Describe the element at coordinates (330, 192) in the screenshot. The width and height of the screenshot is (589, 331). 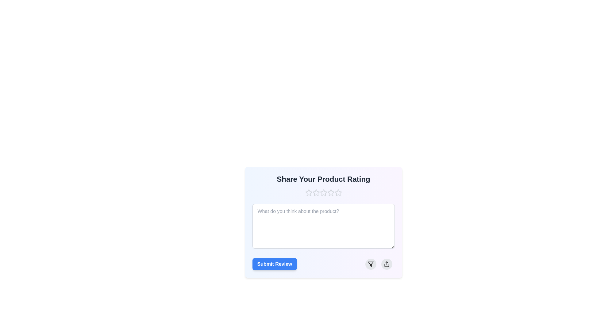
I see `the third star icon in the 'Share Your Product Rating' section` at that location.